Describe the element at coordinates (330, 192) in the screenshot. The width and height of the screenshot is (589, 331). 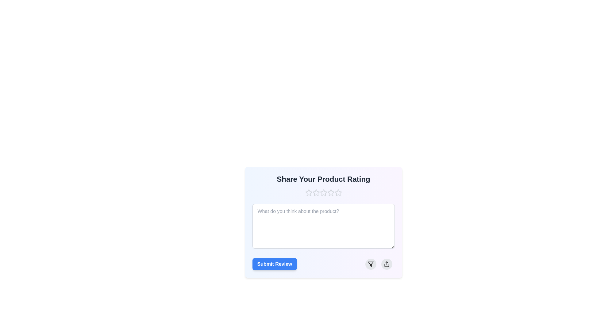
I see `the third star icon in the 'Share Your Product Rating' section` at that location.